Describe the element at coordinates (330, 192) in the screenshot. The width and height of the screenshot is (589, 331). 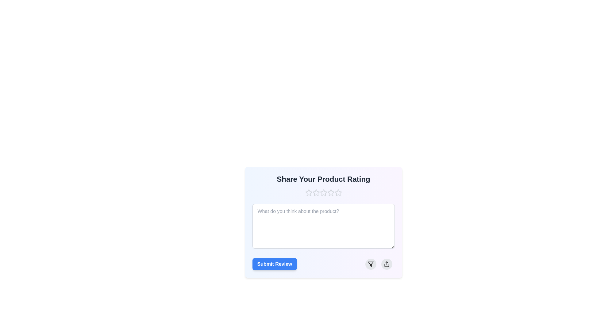
I see `the third star icon in the 'Share Your Product Rating' section` at that location.